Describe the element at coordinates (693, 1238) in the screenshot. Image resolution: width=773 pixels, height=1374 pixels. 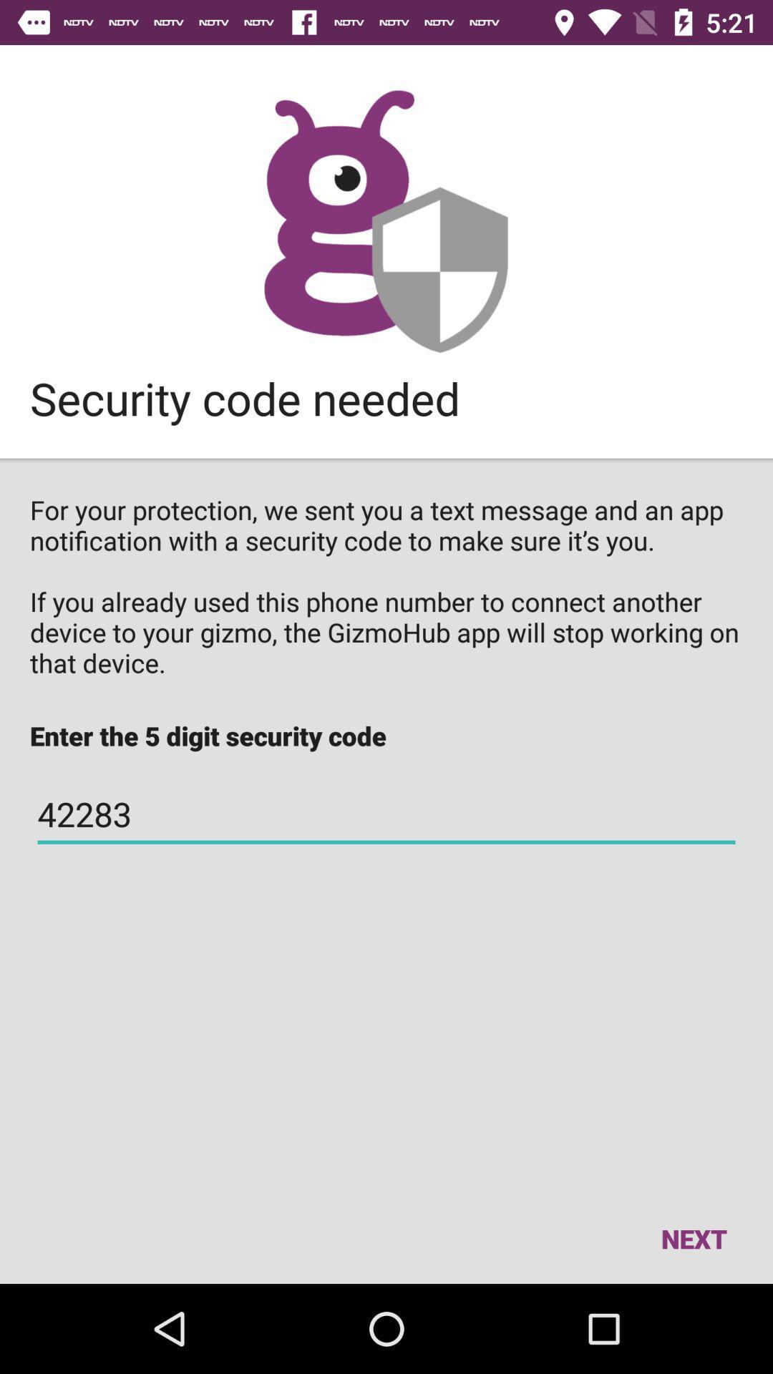
I see `the item below 42283` at that location.